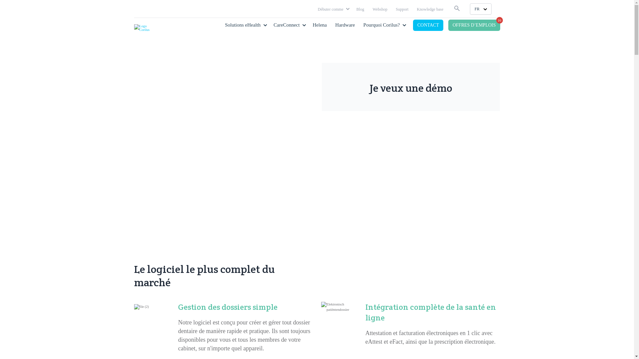 This screenshot has width=639, height=359. Describe the element at coordinates (345, 24) in the screenshot. I see `'Hardware'` at that location.